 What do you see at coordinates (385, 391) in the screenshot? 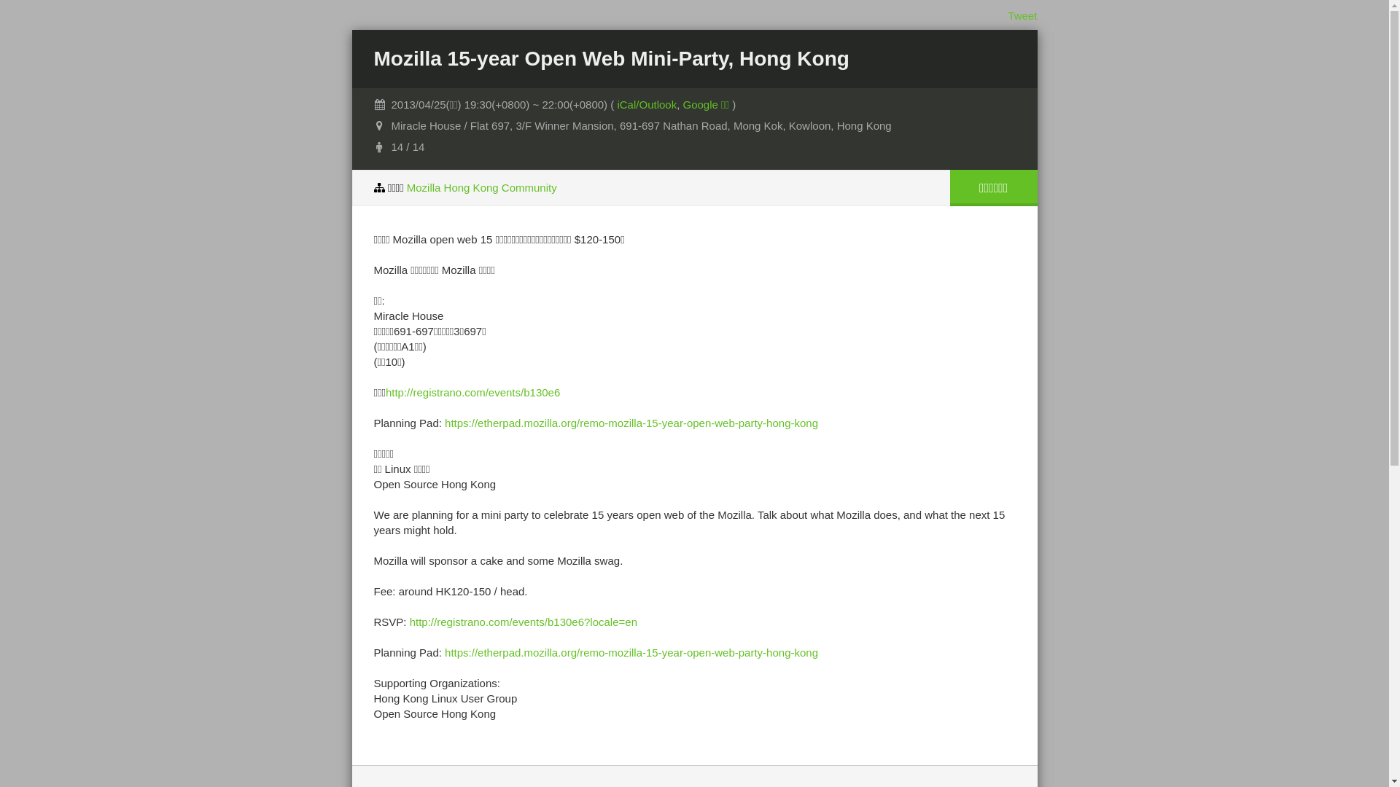
I see `'http://registrano.com/events/b130e6'` at bounding box center [385, 391].